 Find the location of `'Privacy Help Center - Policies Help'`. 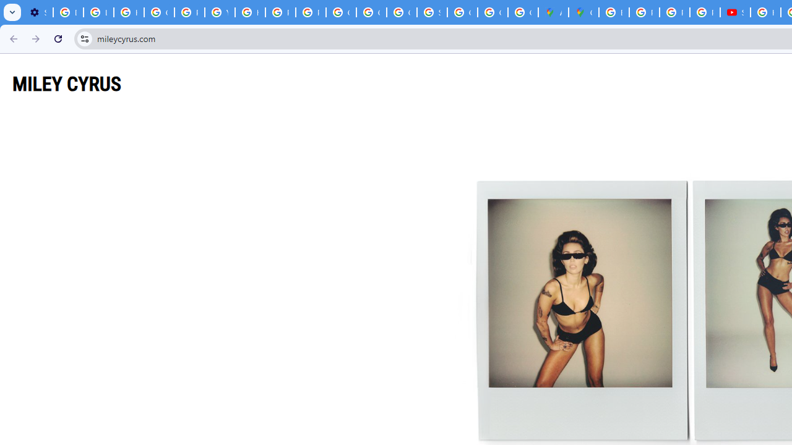

'Privacy Help Center - Policies Help' is located at coordinates (280, 12).